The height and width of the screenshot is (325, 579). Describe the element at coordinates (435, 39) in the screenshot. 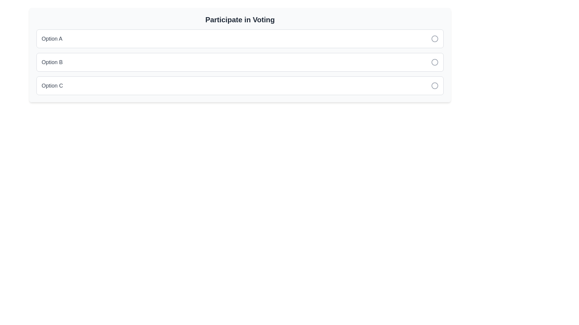

I see `the unselected radio button located to the right of the 'Option A' label` at that location.